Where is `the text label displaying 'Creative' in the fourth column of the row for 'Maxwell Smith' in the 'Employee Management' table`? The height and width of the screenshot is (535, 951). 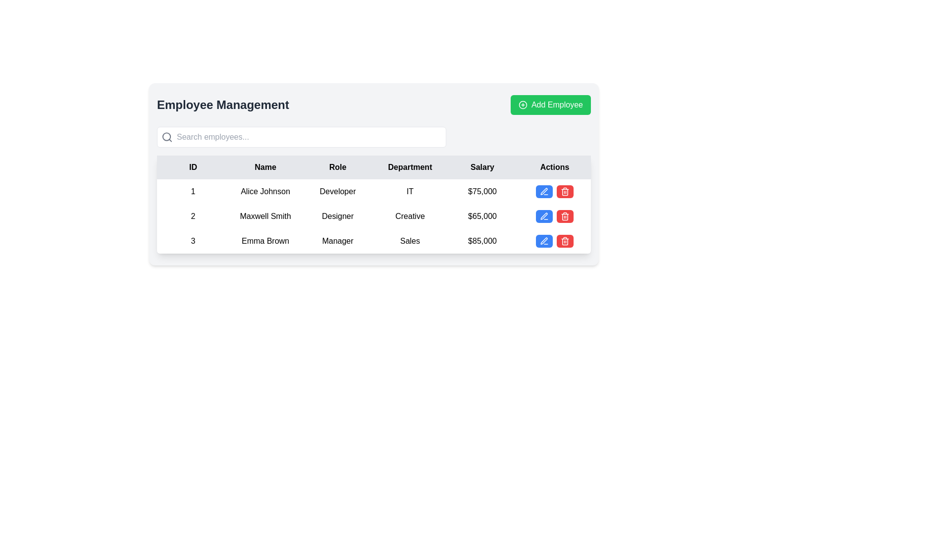 the text label displaying 'Creative' in the fourth column of the row for 'Maxwell Smith' in the 'Employee Management' table is located at coordinates (410, 215).